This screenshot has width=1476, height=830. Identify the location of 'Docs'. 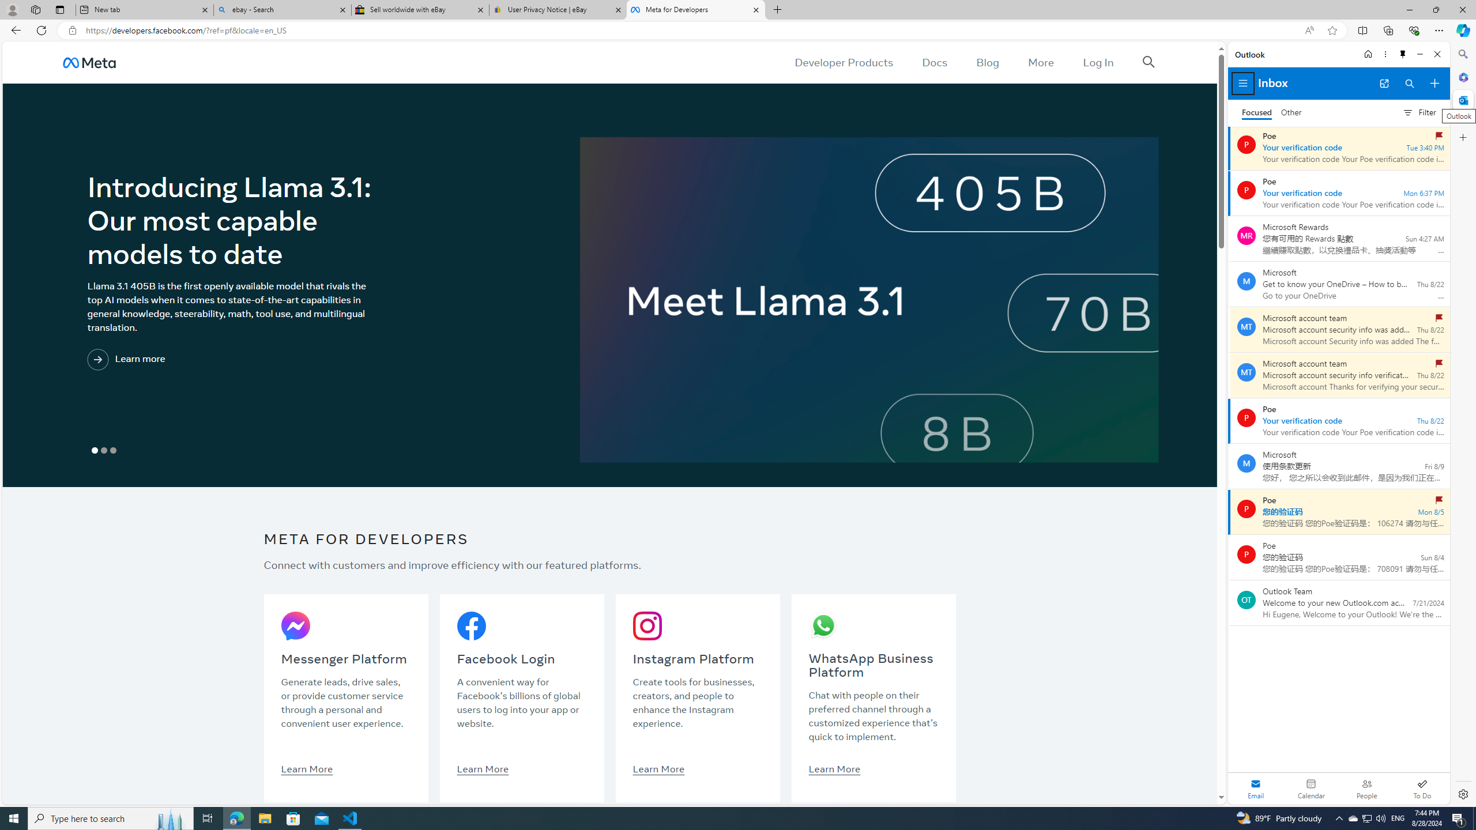
(935, 62).